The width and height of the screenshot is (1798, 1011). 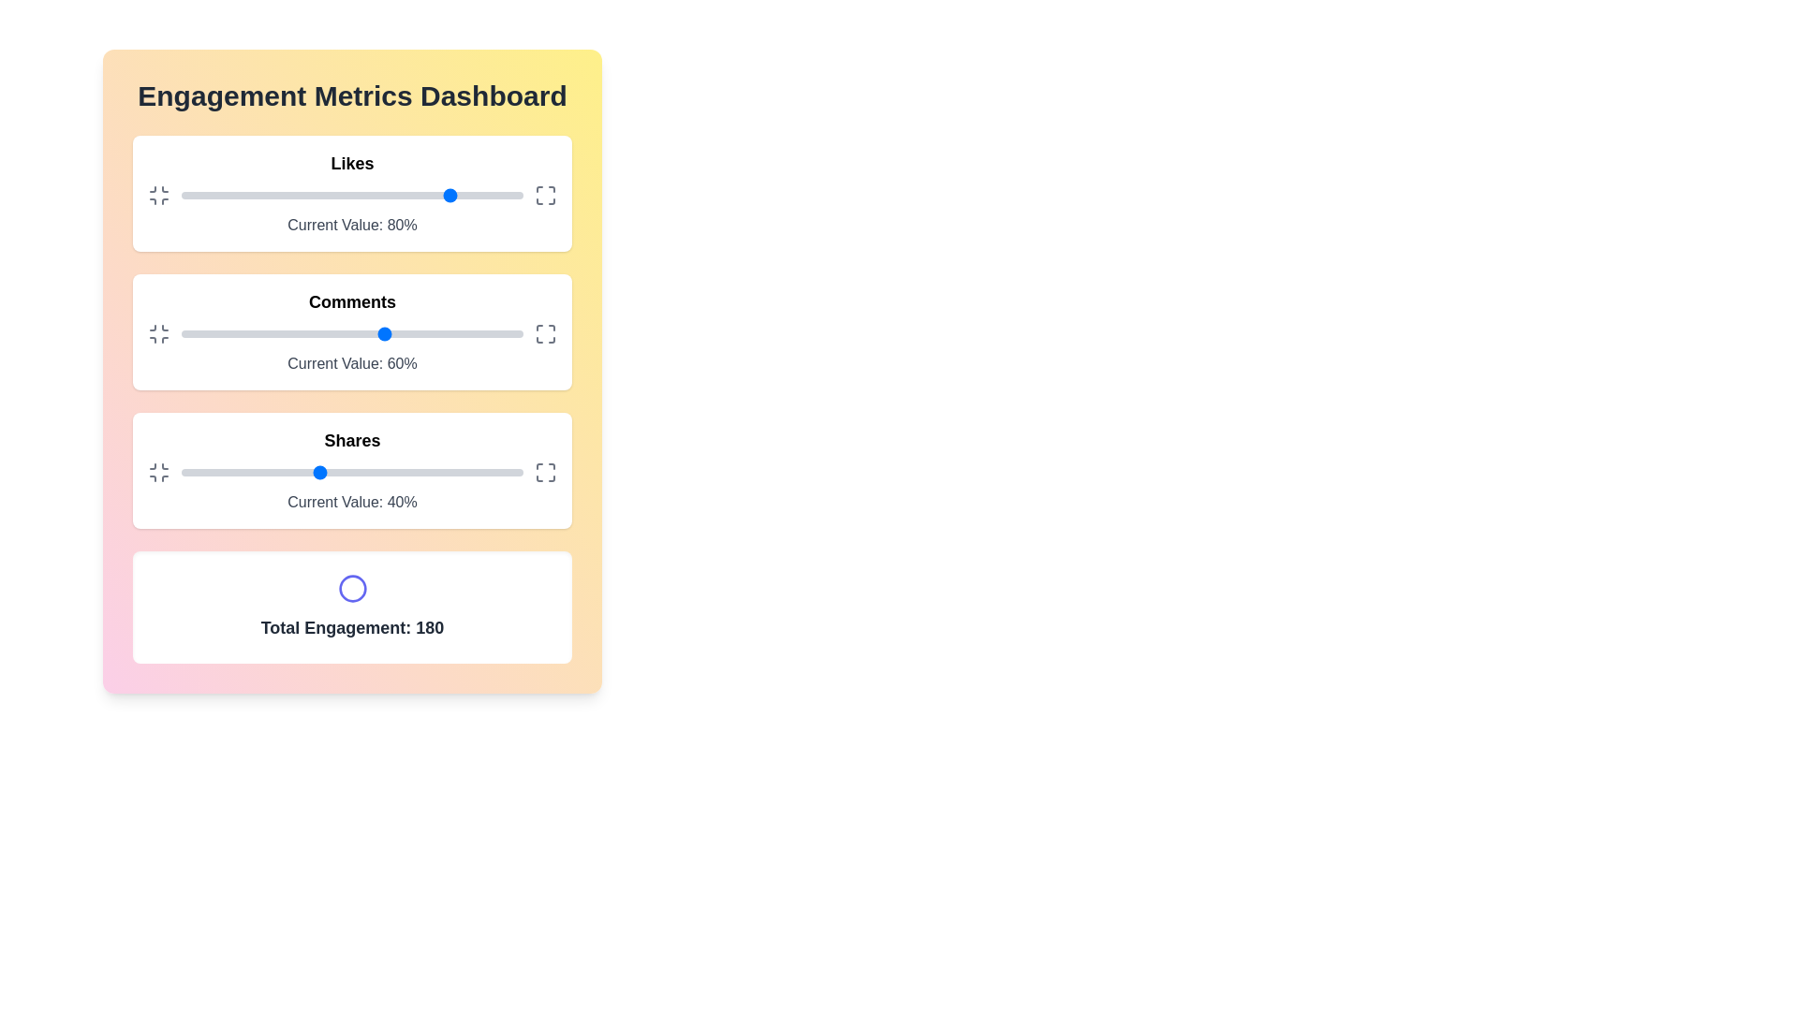 What do you see at coordinates (399, 195) in the screenshot?
I see `the 'Likes' slider` at bounding box center [399, 195].